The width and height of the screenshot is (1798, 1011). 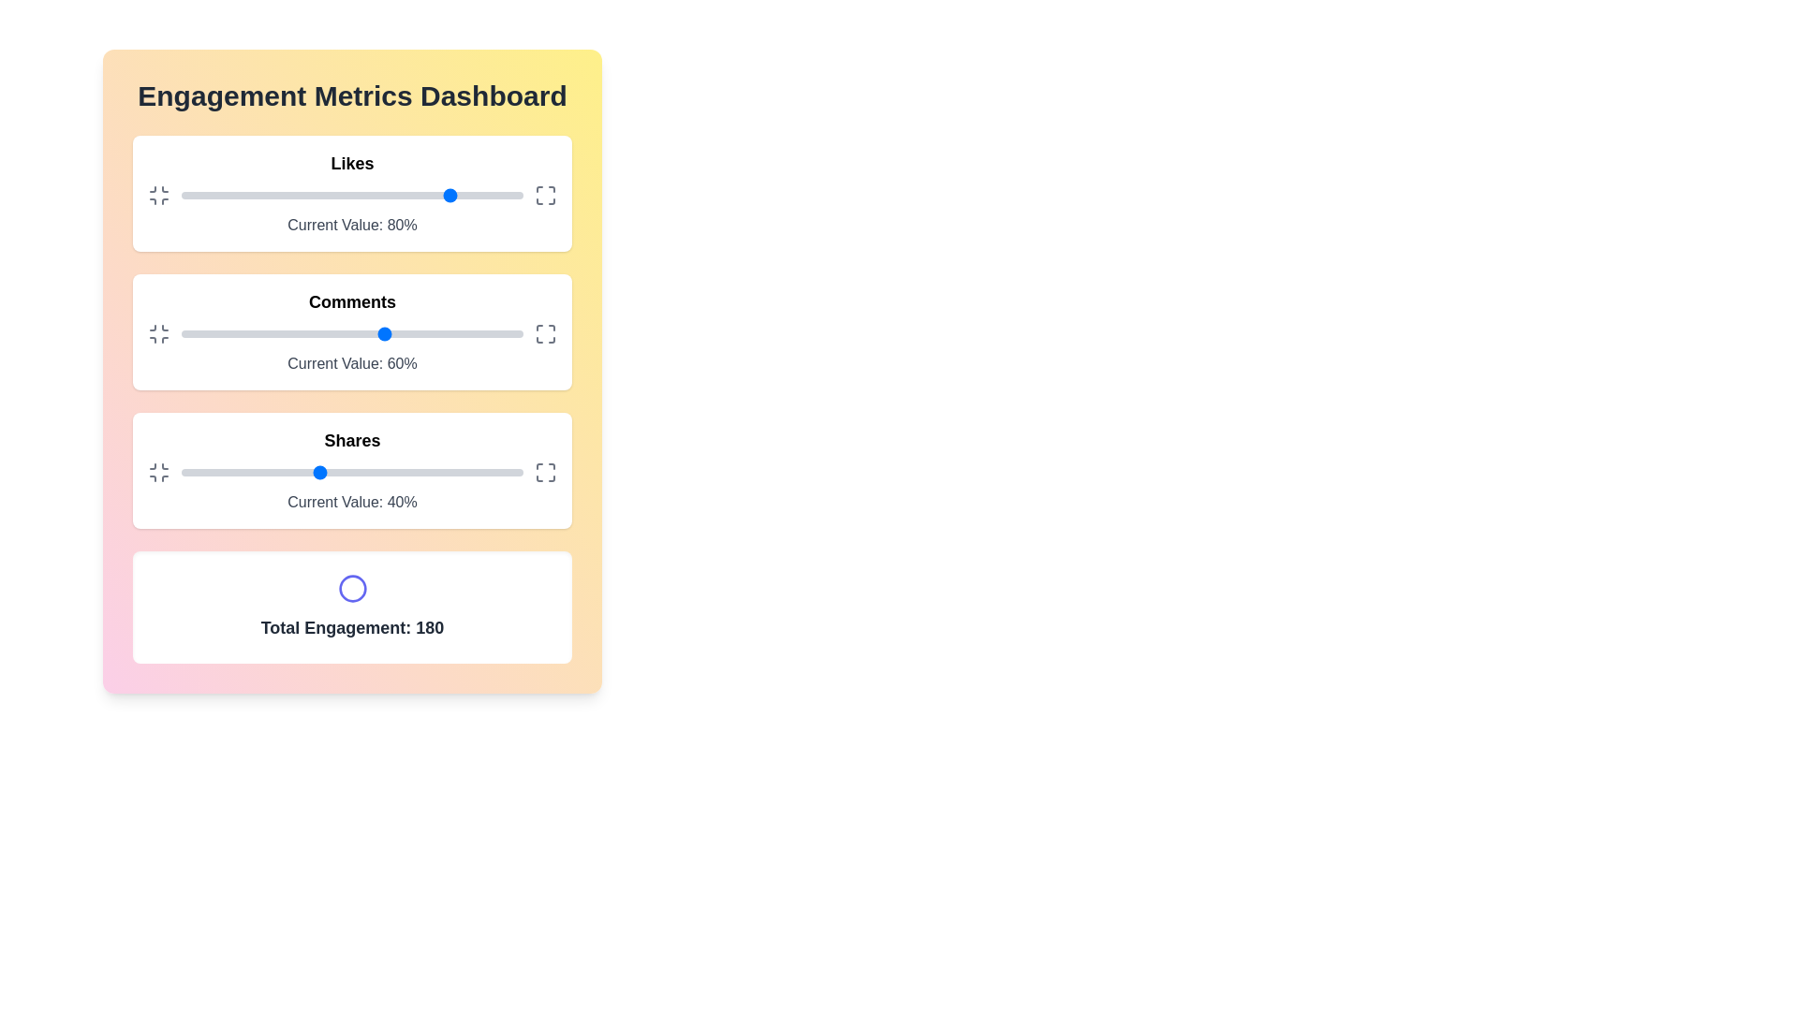 What do you see at coordinates (399, 195) in the screenshot?
I see `the 'Likes' slider` at bounding box center [399, 195].